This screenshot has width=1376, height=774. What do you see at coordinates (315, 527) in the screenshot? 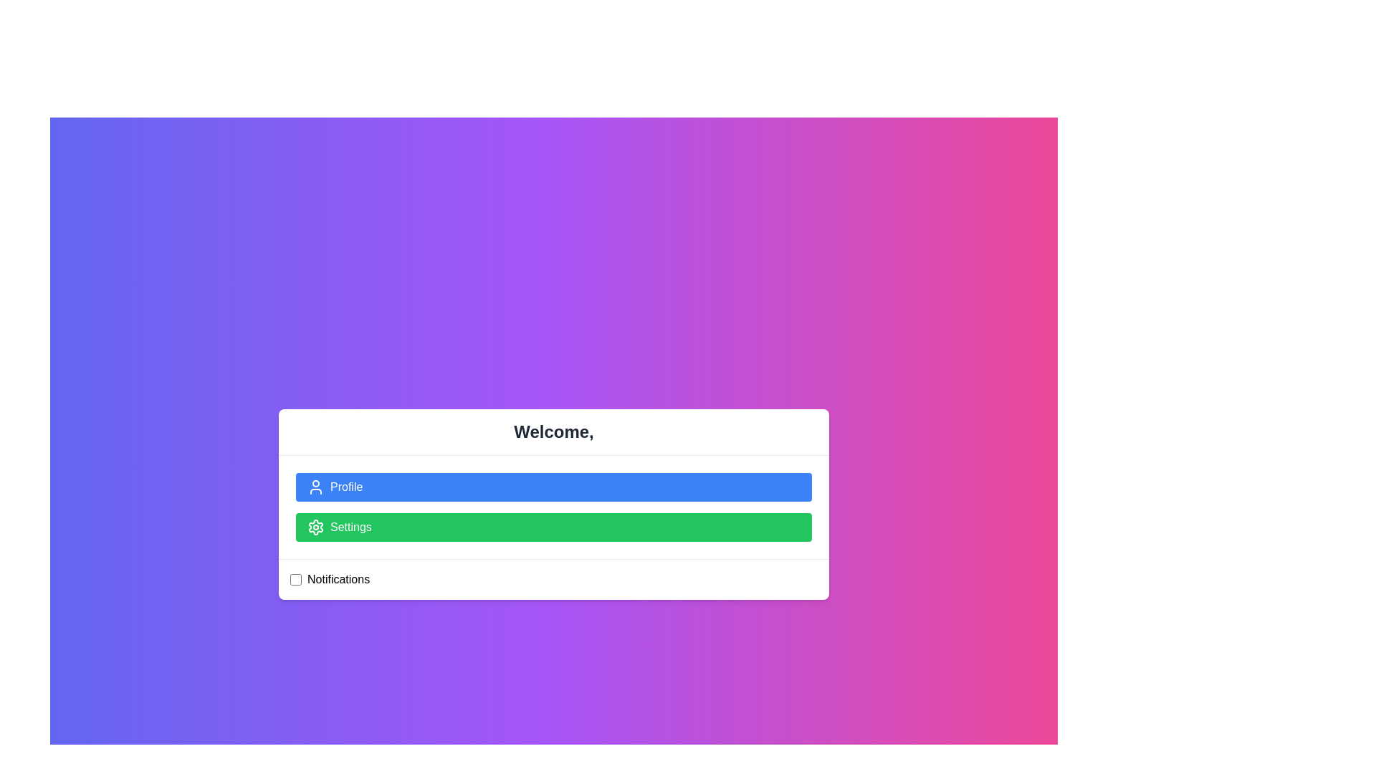
I see `the circular gear-like icon with a green background located to the left of the 'Settings' text within the green button` at bounding box center [315, 527].